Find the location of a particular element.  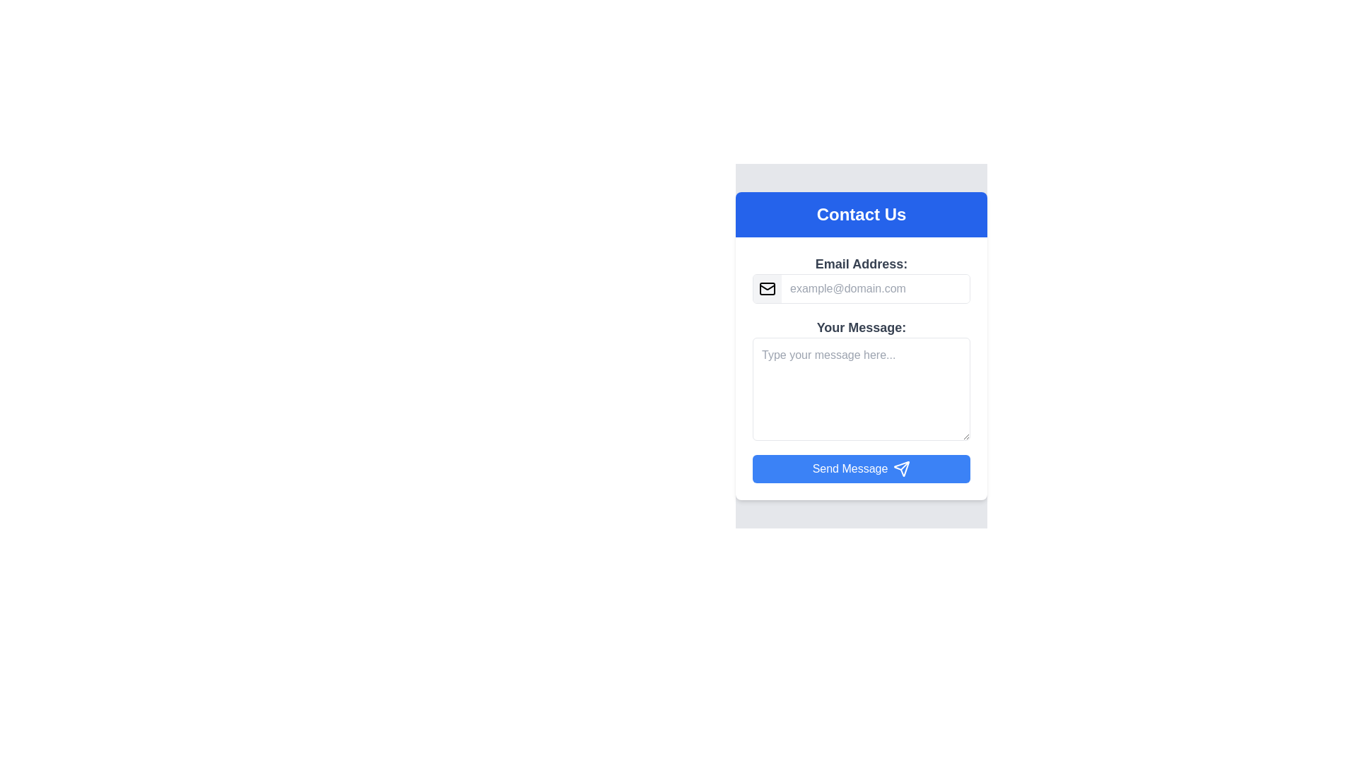

the email icon, which is an SVG representation of an envelope located to the left of the 'Email Address:' input field in the 'Contact Us' form section is located at coordinates (766, 288).